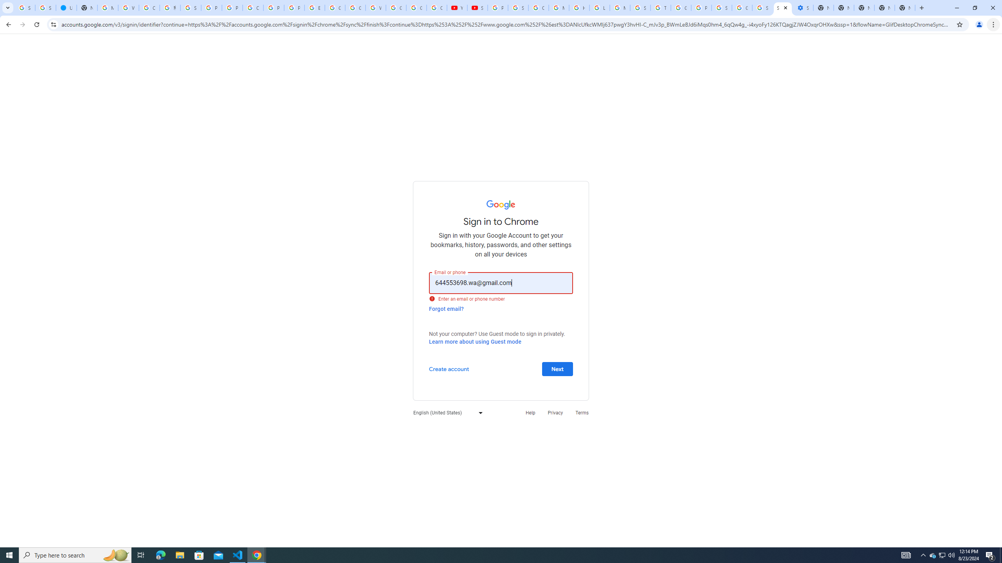 The width and height of the screenshot is (1002, 563). Describe the element at coordinates (905, 7) in the screenshot. I see `'New Tab'` at that location.